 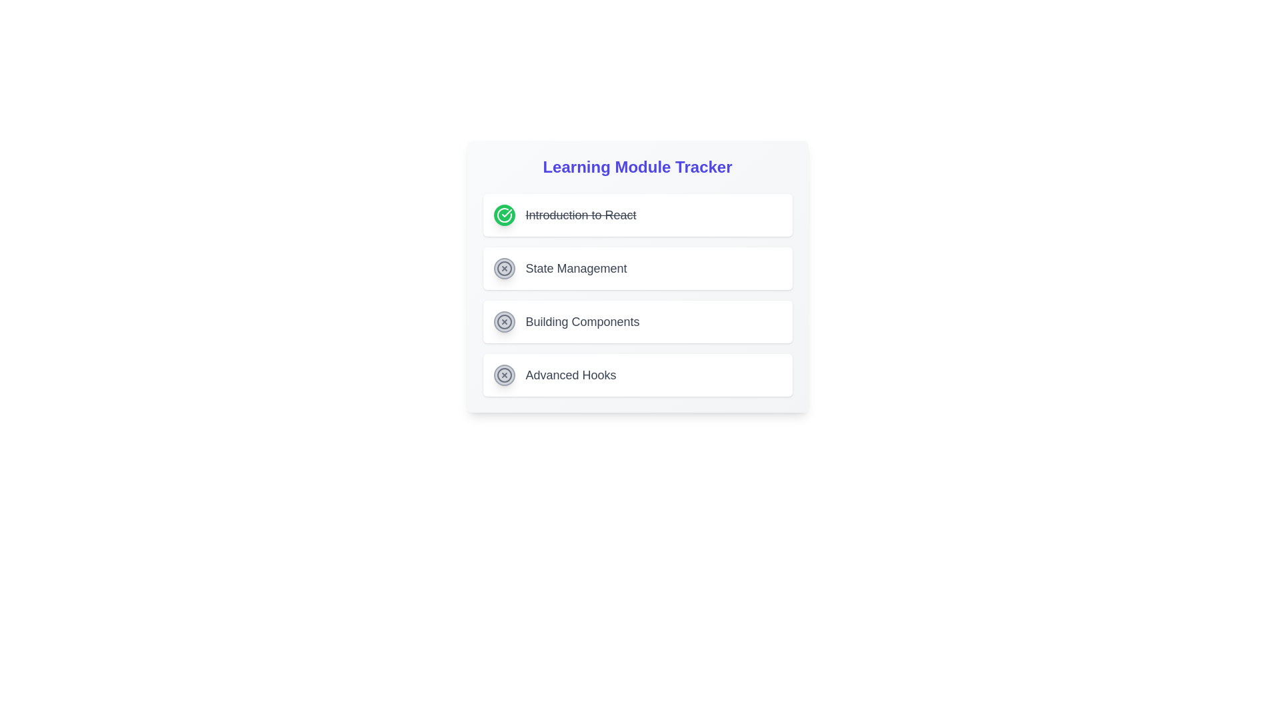 What do you see at coordinates (637, 375) in the screenshot?
I see `the List Item Card displaying 'Advanced Hooks', which is the fourth item in a vertical list of cards with a white background and a gray font` at bounding box center [637, 375].